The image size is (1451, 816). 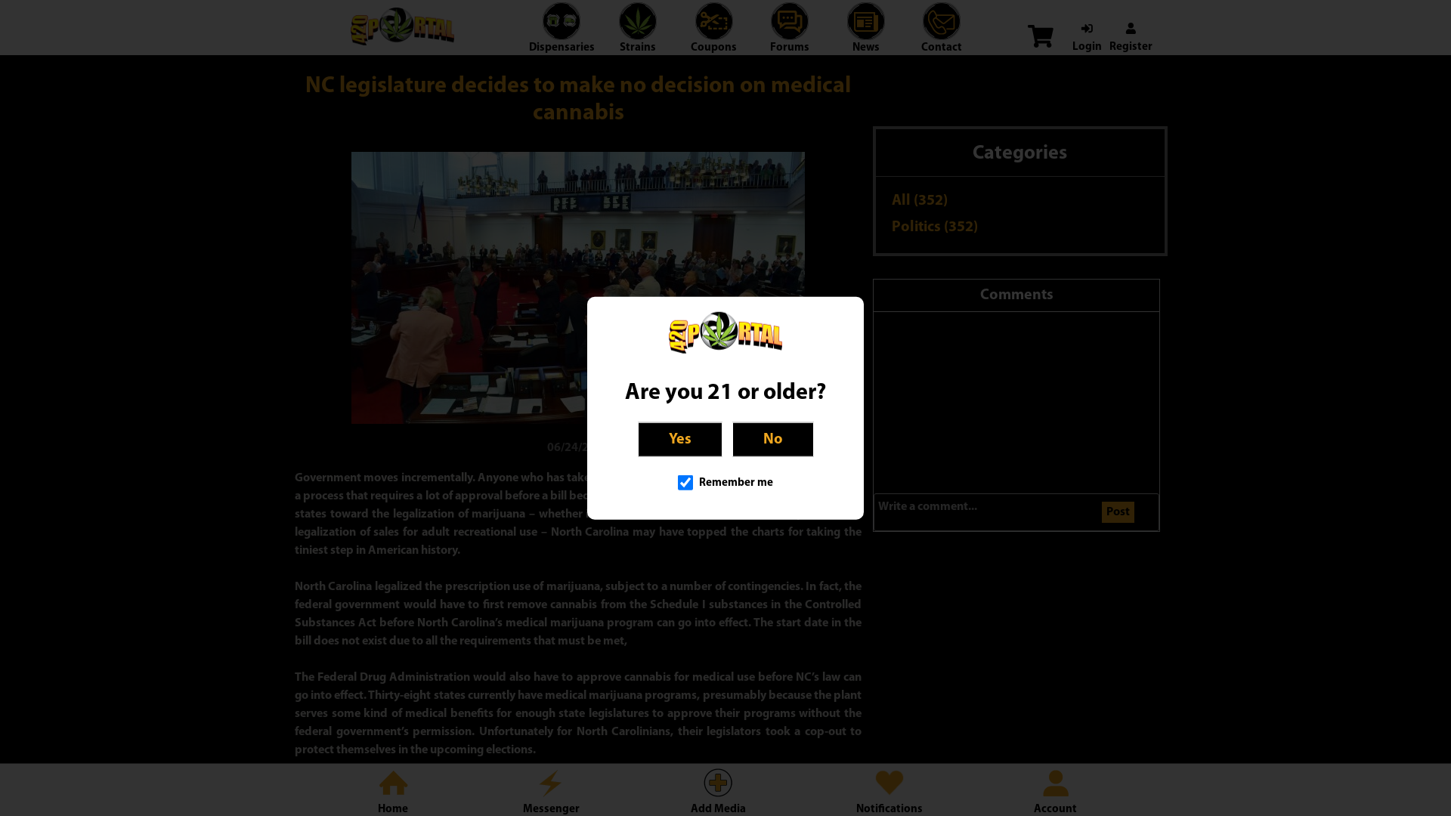 I want to click on 'Login', so click(x=1086, y=38).